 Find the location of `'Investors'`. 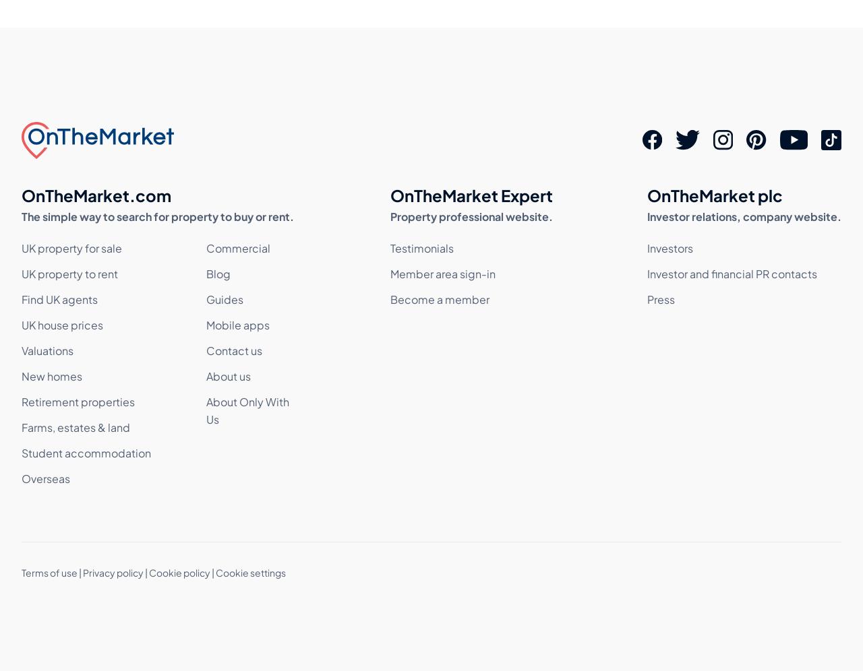

'Investors' is located at coordinates (670, 248).